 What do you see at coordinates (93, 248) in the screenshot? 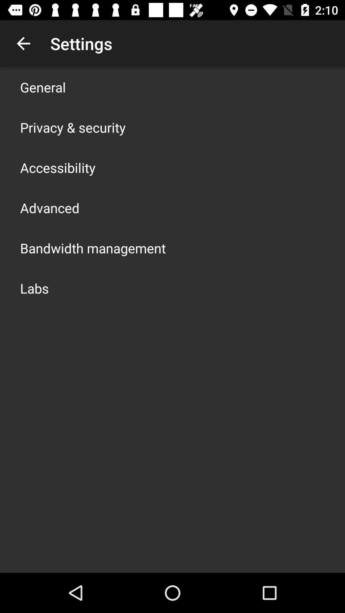
I see `bandwidth management icon` at bounding box center [93, 248].